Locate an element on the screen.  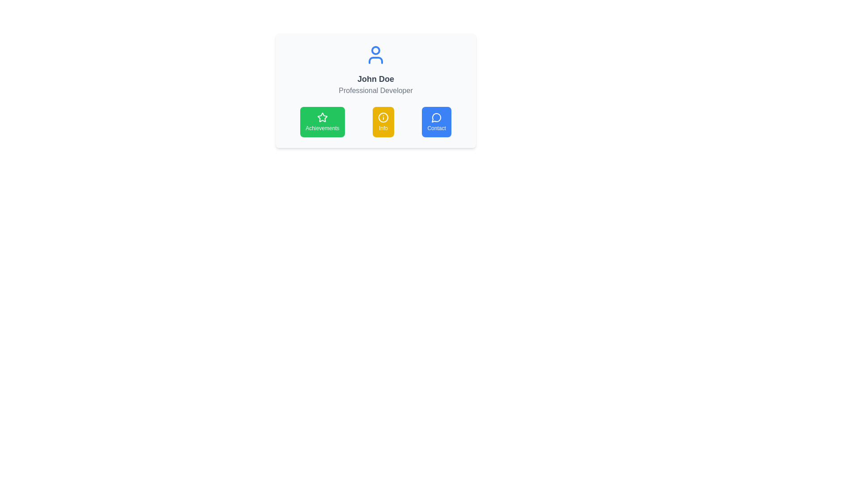
the Achievements icon, which is part of the leftmost button labeled 'Achievements' in a row of three buttons at the bottom of a centrally aligned card is located at coordinates (322, 117).